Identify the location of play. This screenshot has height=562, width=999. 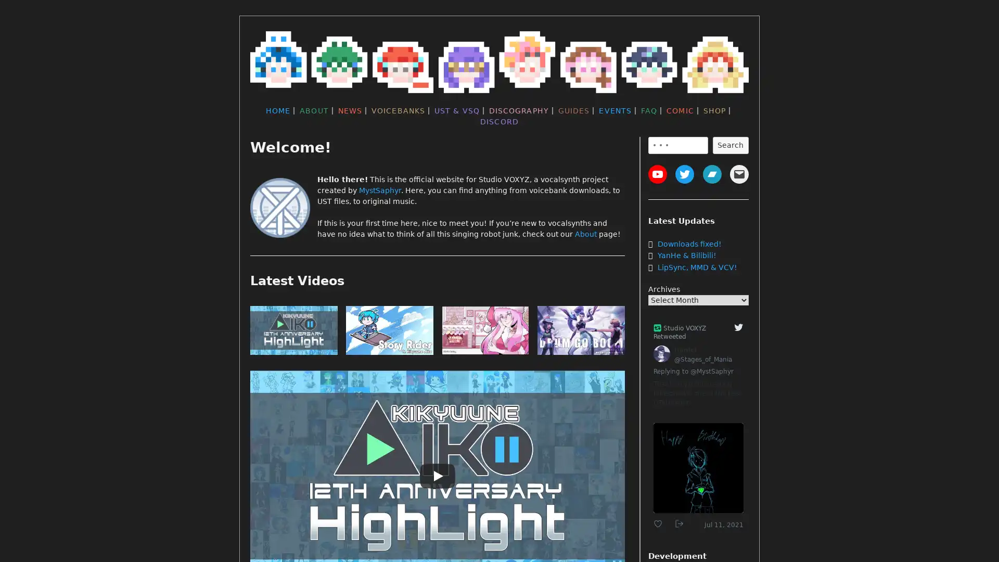
(389, 333).